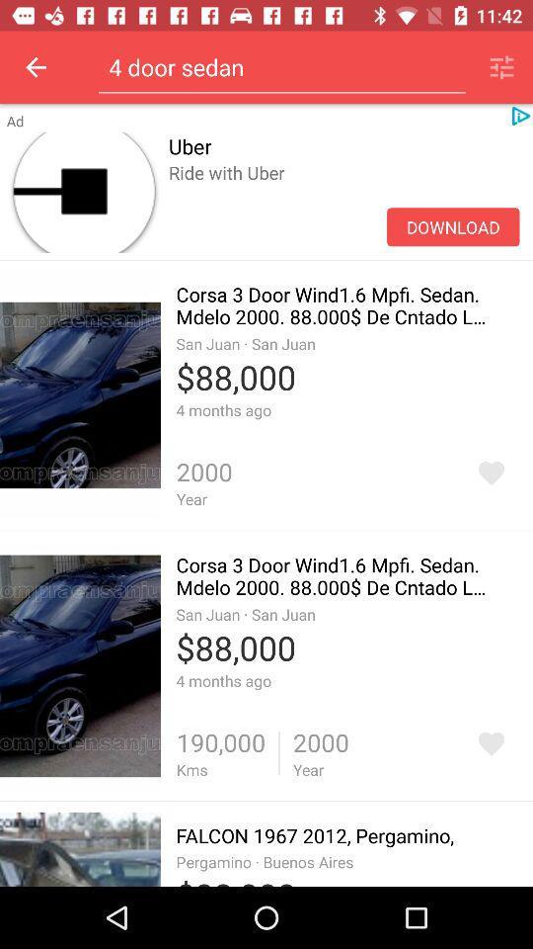  What do you see at coordinates (501, 67) in the screenshot?
I see `item to the right of the 4 door sedan icon` at bounding box center [501, 67].